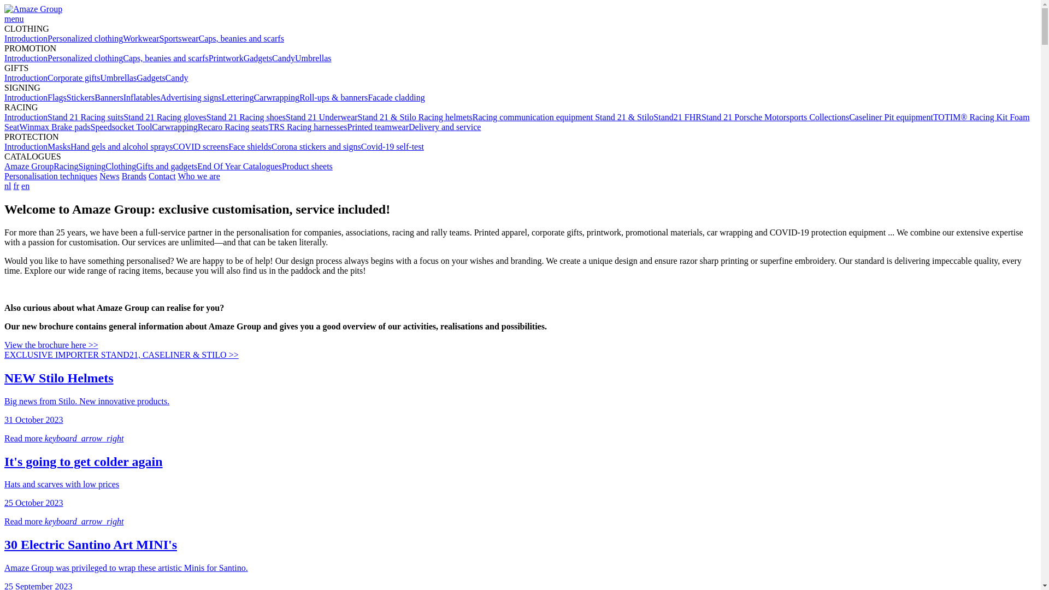 The height and width of the screenshot is (590, 1049). Describe the element at coordinates (316, 146) in the screenshot. I see `'Corona stickers and signs'` at that location.